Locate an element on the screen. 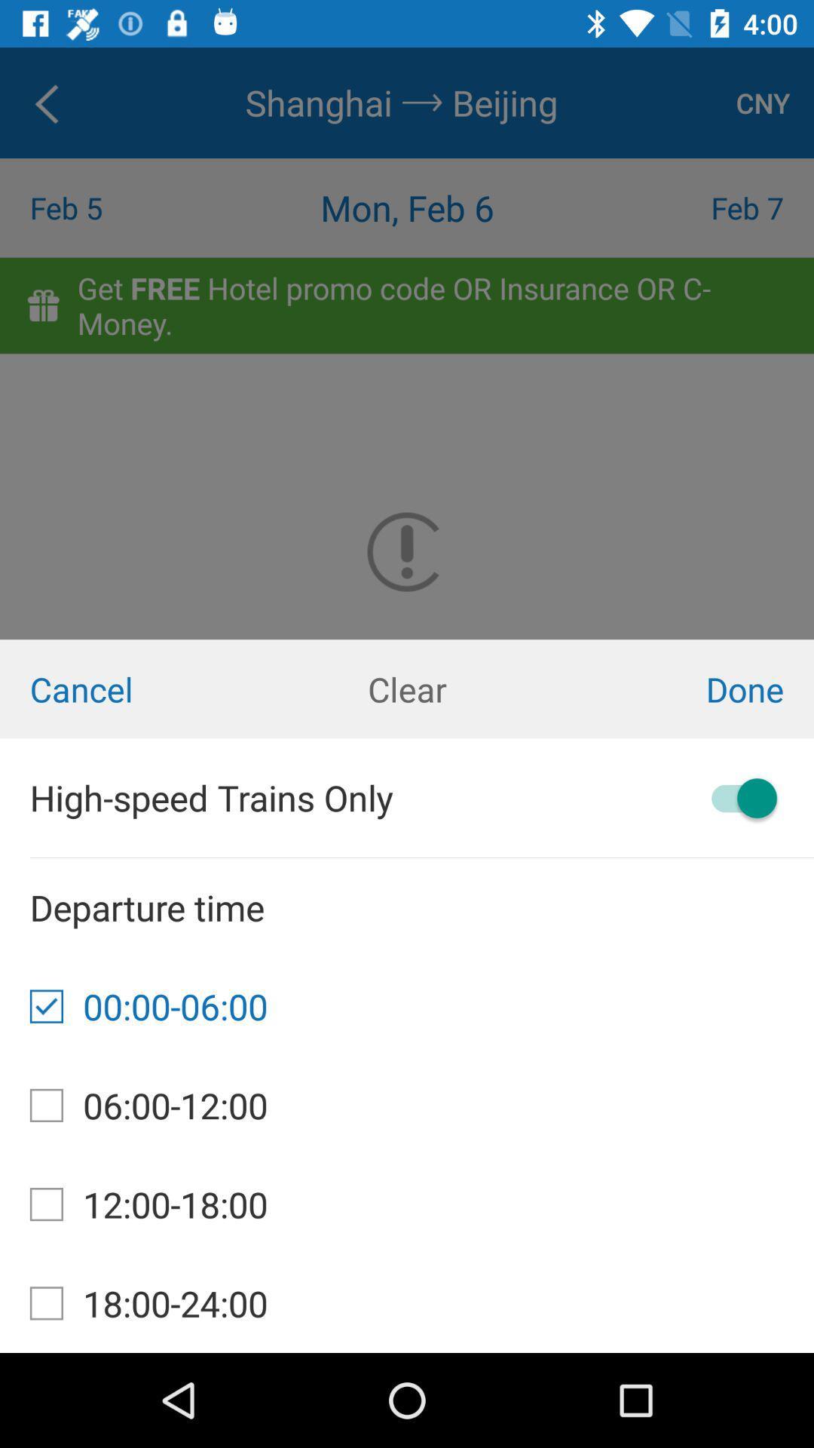  done is located at coordinates (677, 688).